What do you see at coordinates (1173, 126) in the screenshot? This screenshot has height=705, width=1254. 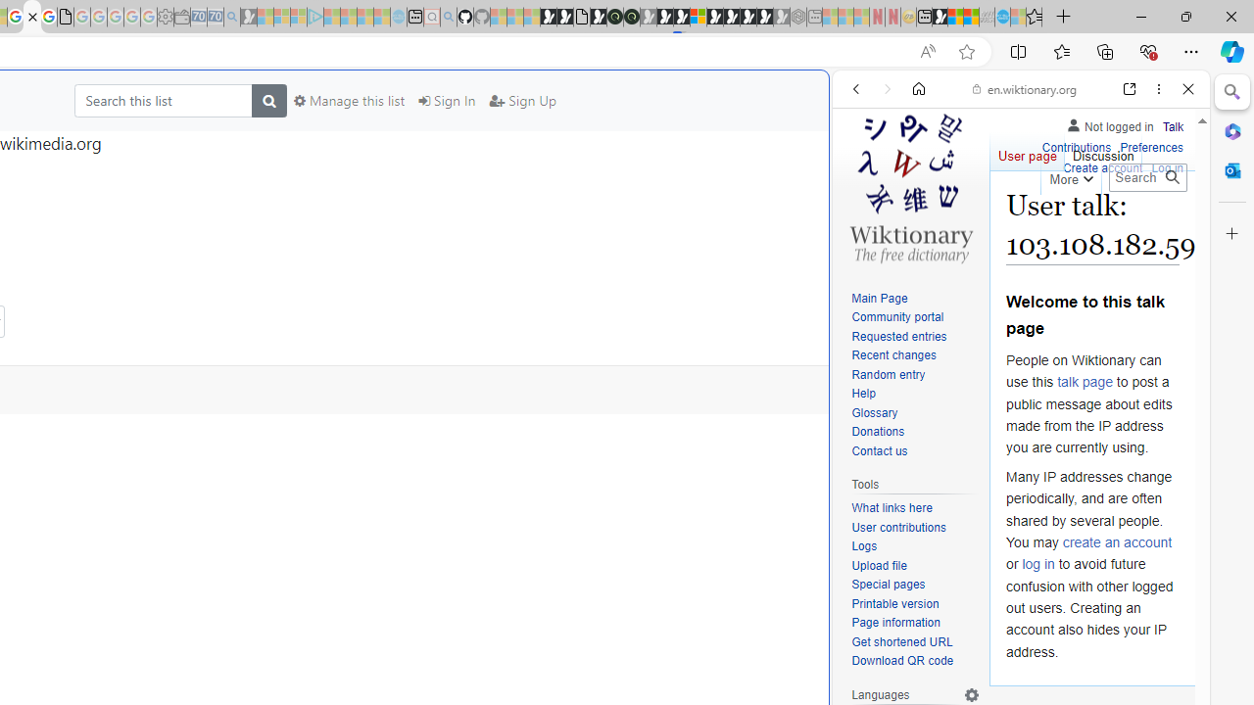 I see `'Talk'` at bounding box center [1173, 126].